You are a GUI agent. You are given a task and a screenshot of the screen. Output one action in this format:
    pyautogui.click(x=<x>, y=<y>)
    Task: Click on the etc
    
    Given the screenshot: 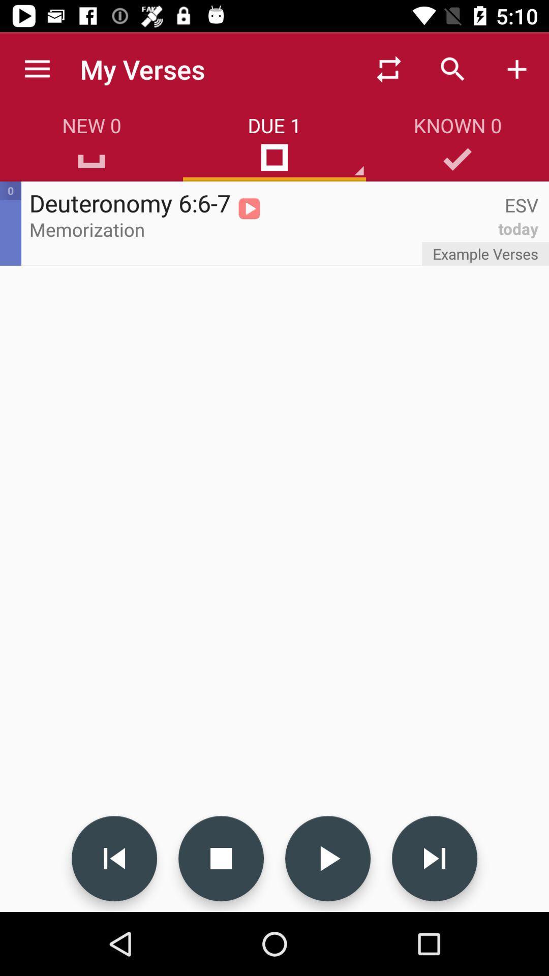 What is the action you would take?
    pyautogui.click(x=221, y=858)
    